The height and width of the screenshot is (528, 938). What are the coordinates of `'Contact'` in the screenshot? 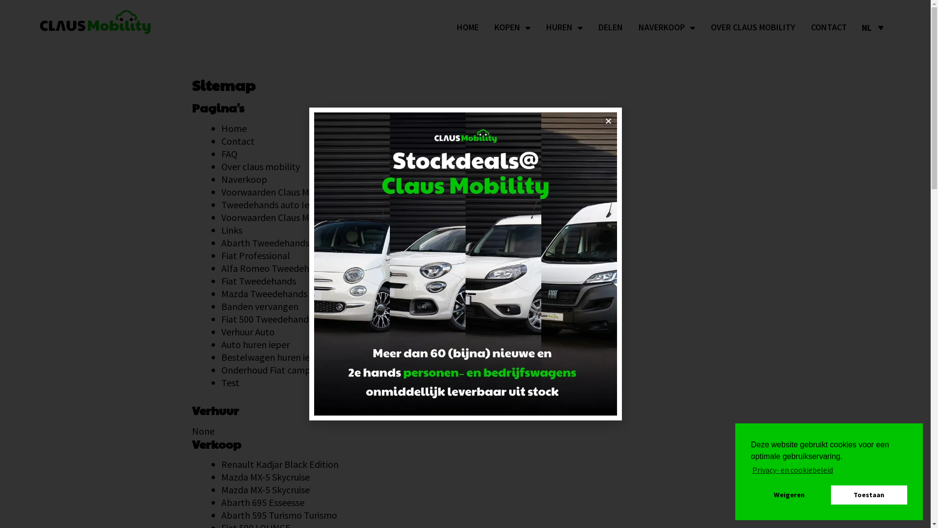 It's located at (237, 141).